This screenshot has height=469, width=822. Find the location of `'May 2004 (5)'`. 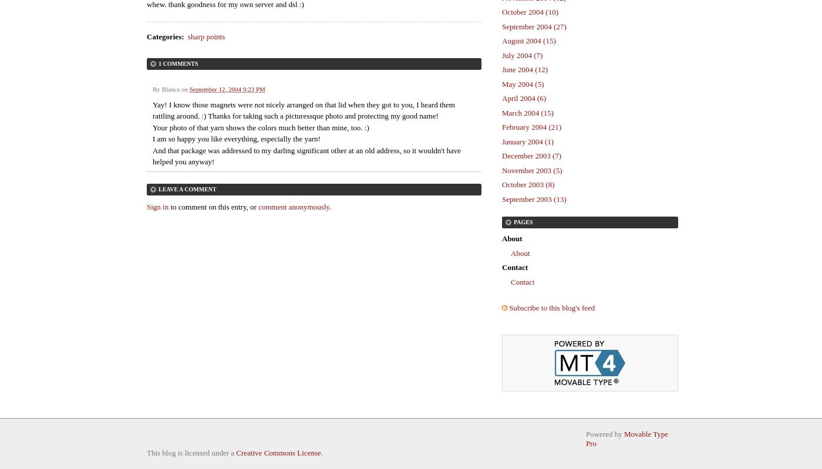

'May 2004 (5)' is located at coordinates (523, 83).